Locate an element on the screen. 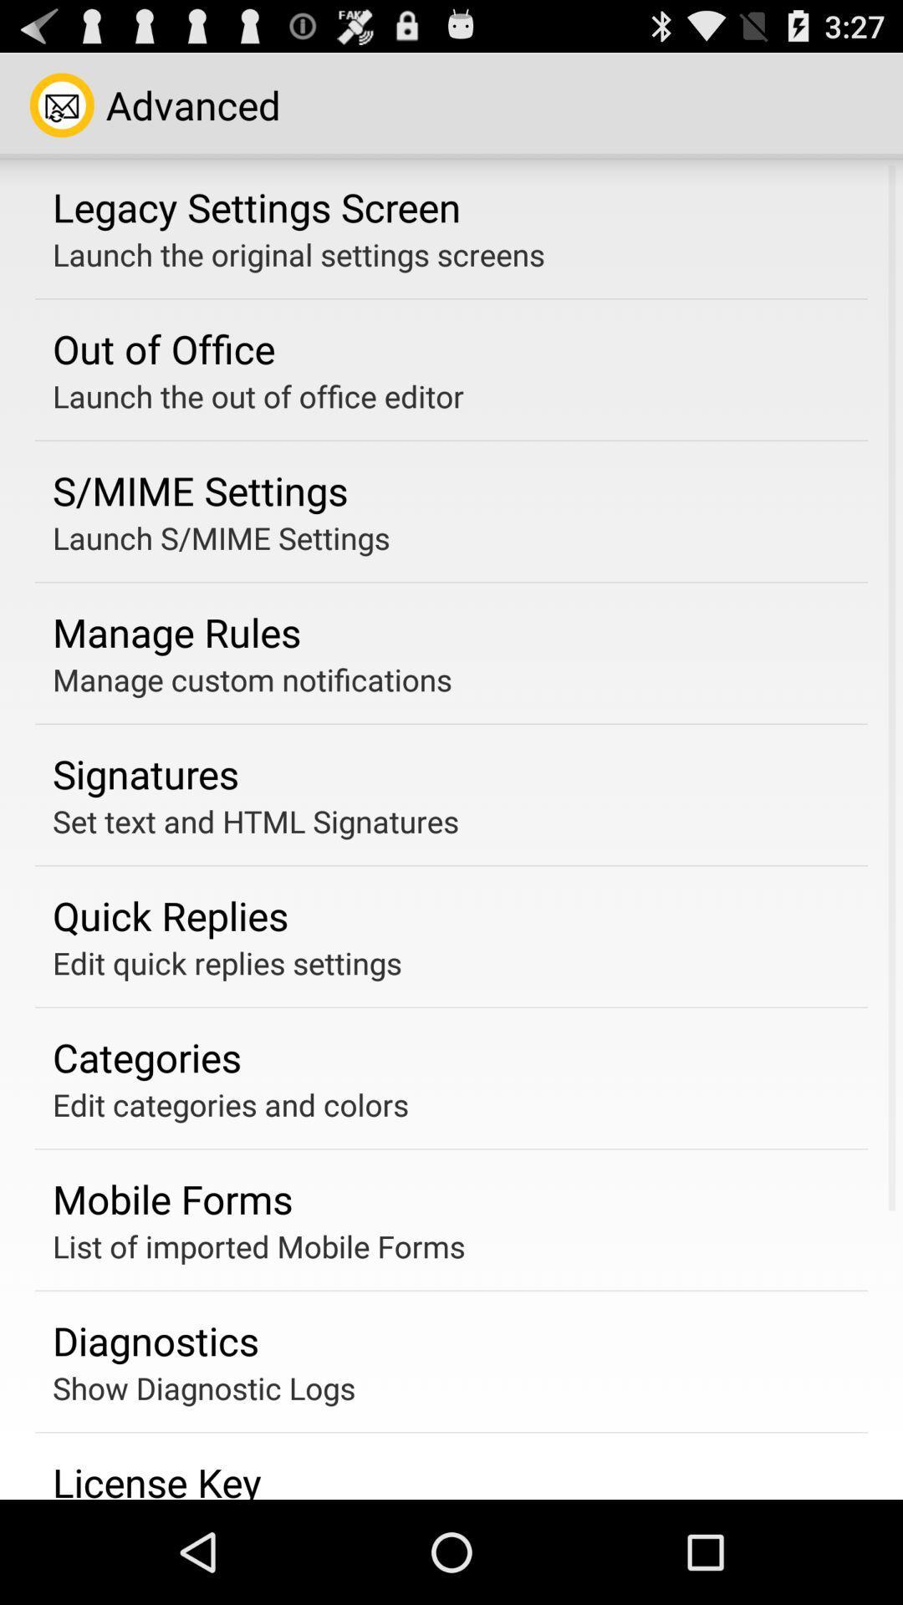 Image resolution: width=903 pixels, height=1605 pixels. the license key app is located at coordinates (156, 1477).